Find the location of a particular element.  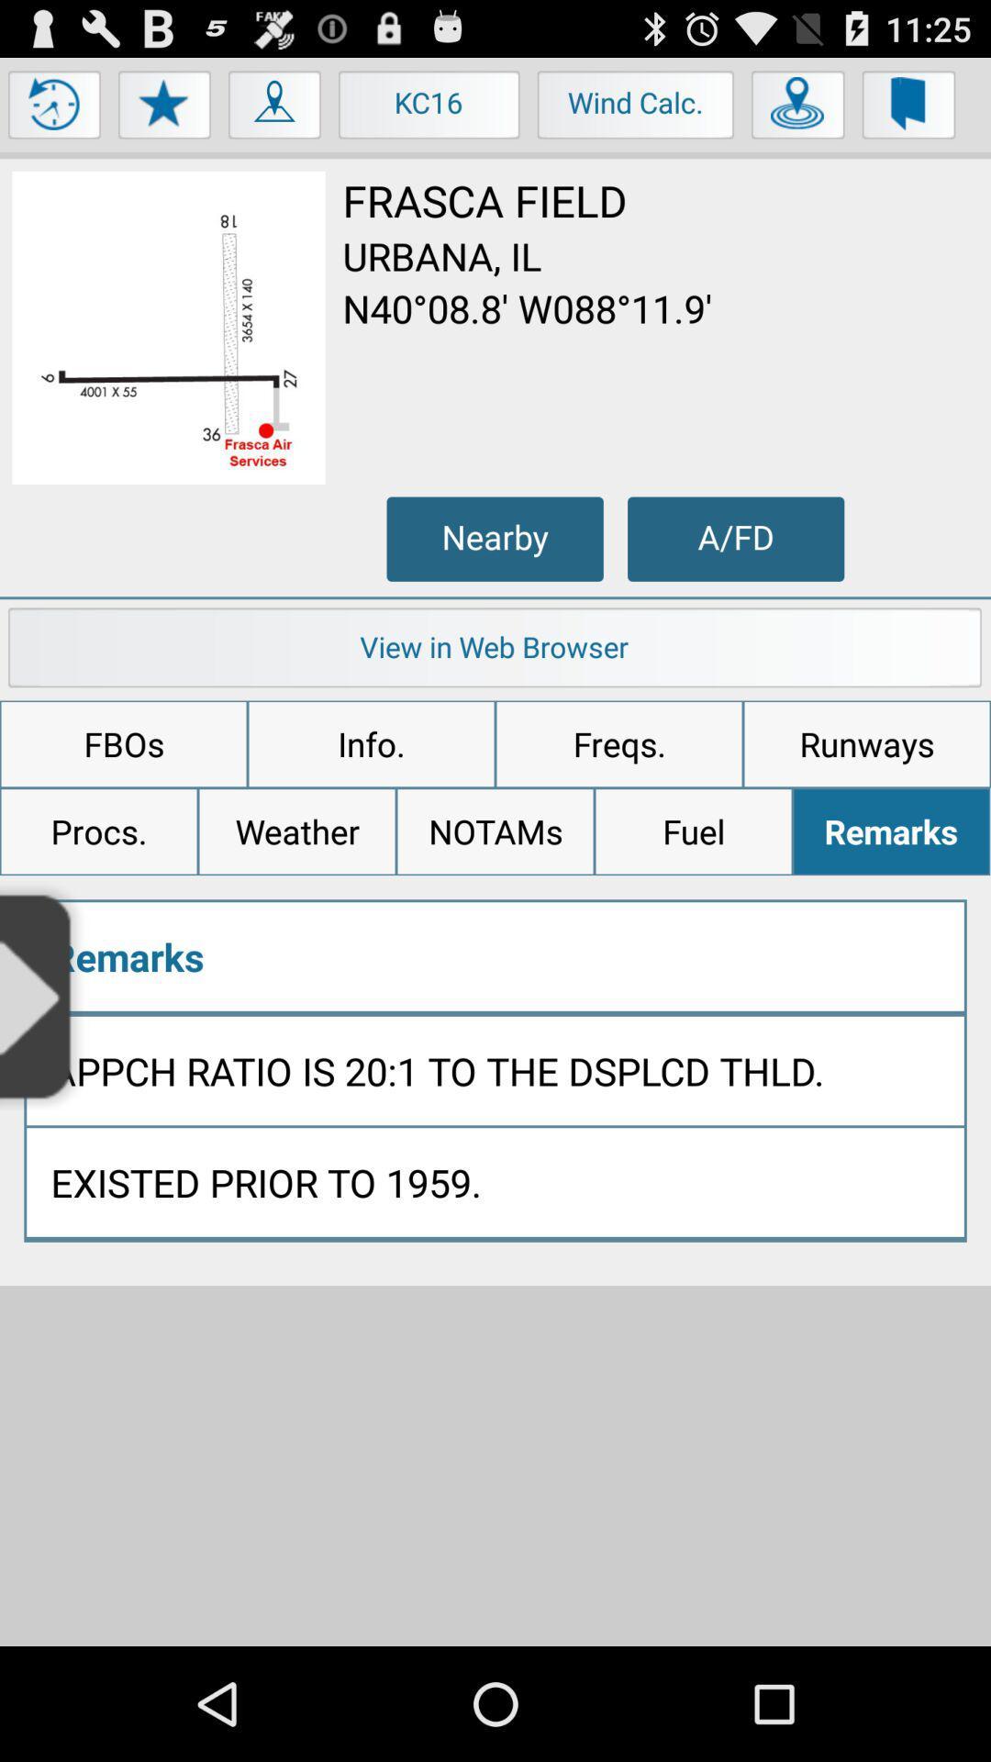

star button is located at coordinates (165, 108).